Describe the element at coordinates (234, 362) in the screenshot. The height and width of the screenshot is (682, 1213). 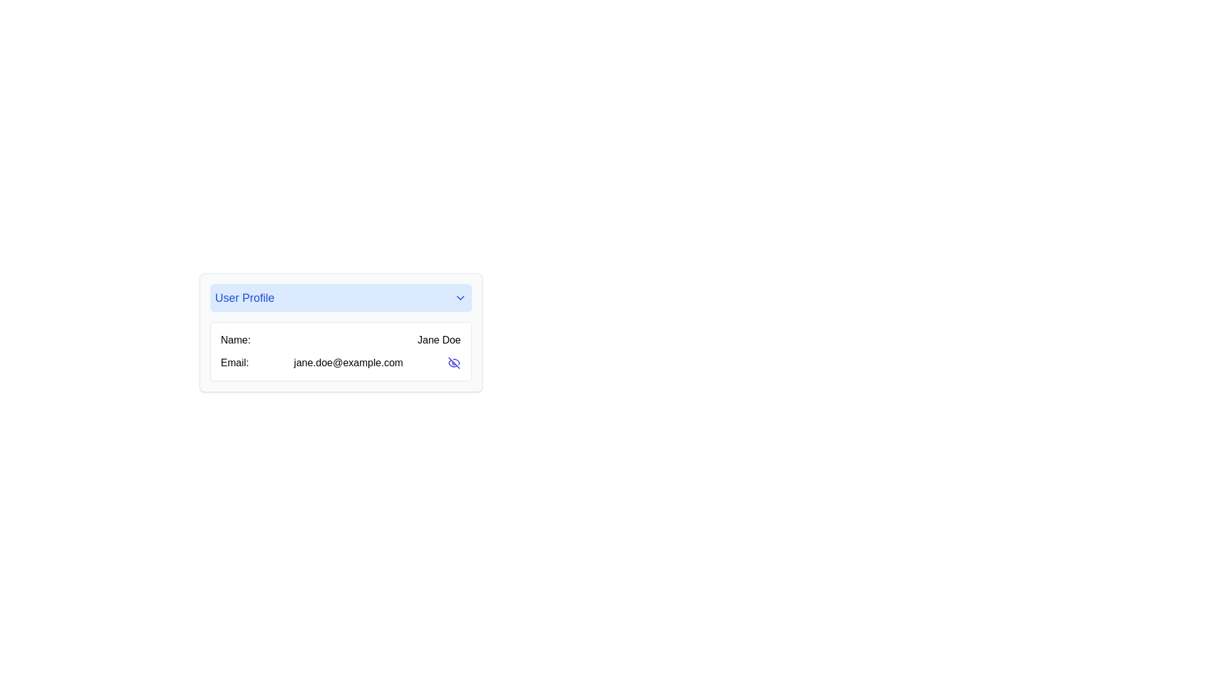
I see `the label that identifies the email address field located in the user profile card, specifically in the second row on the left side` at that location.